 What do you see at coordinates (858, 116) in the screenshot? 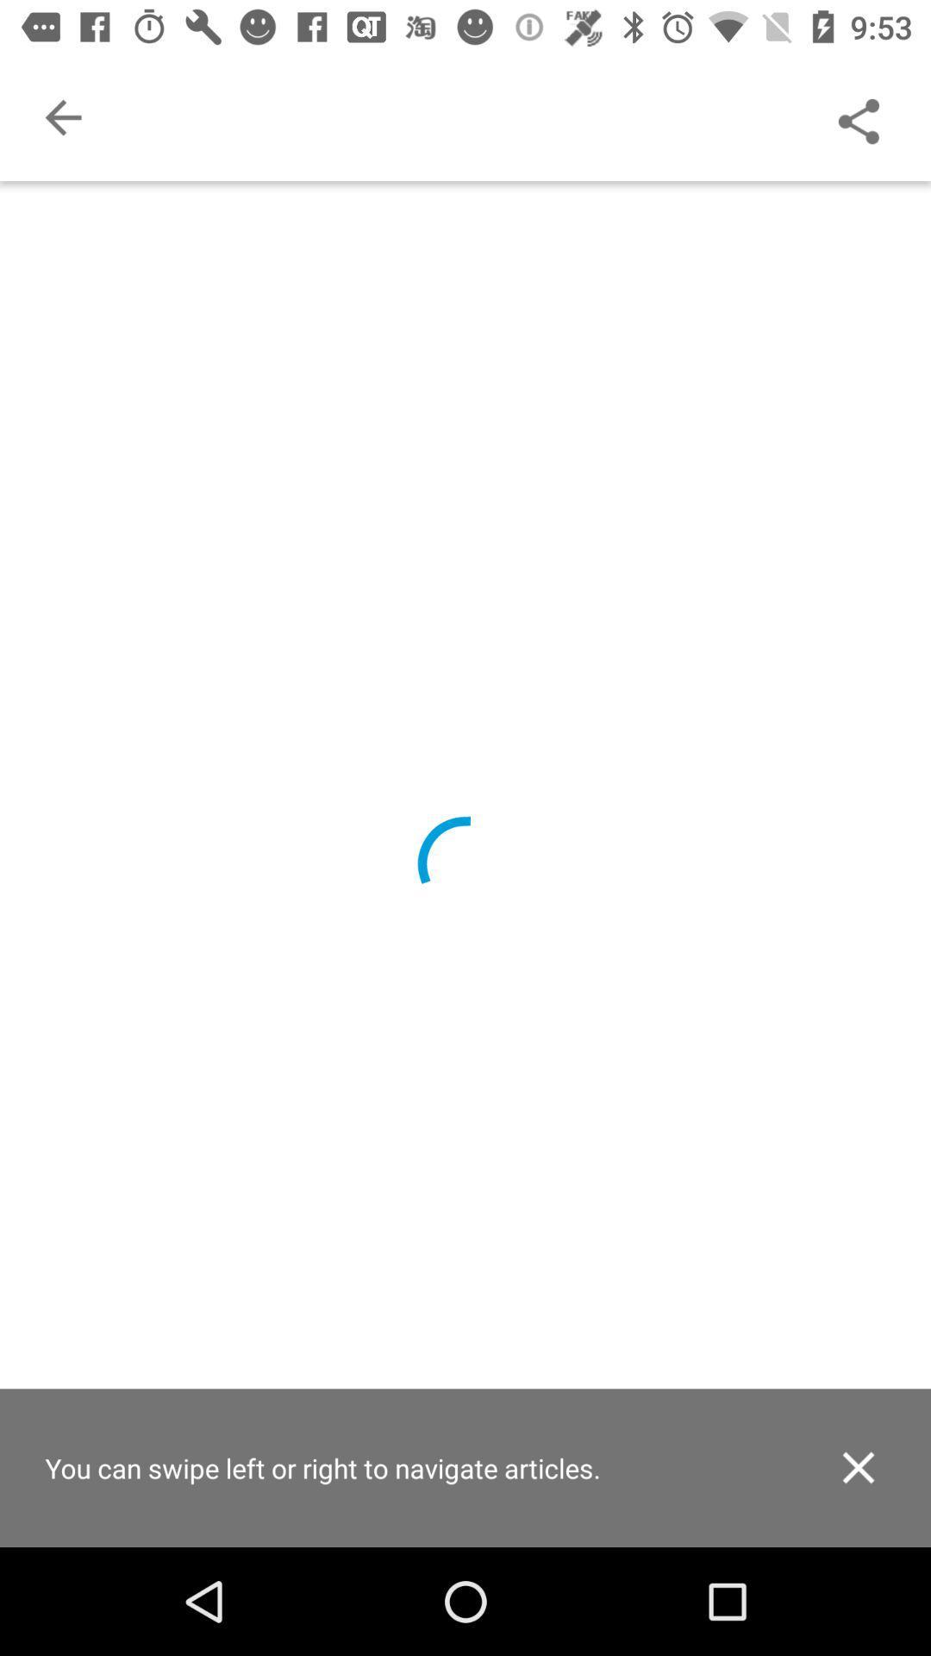
I see `share on social media` at bounding box center [858, 116].